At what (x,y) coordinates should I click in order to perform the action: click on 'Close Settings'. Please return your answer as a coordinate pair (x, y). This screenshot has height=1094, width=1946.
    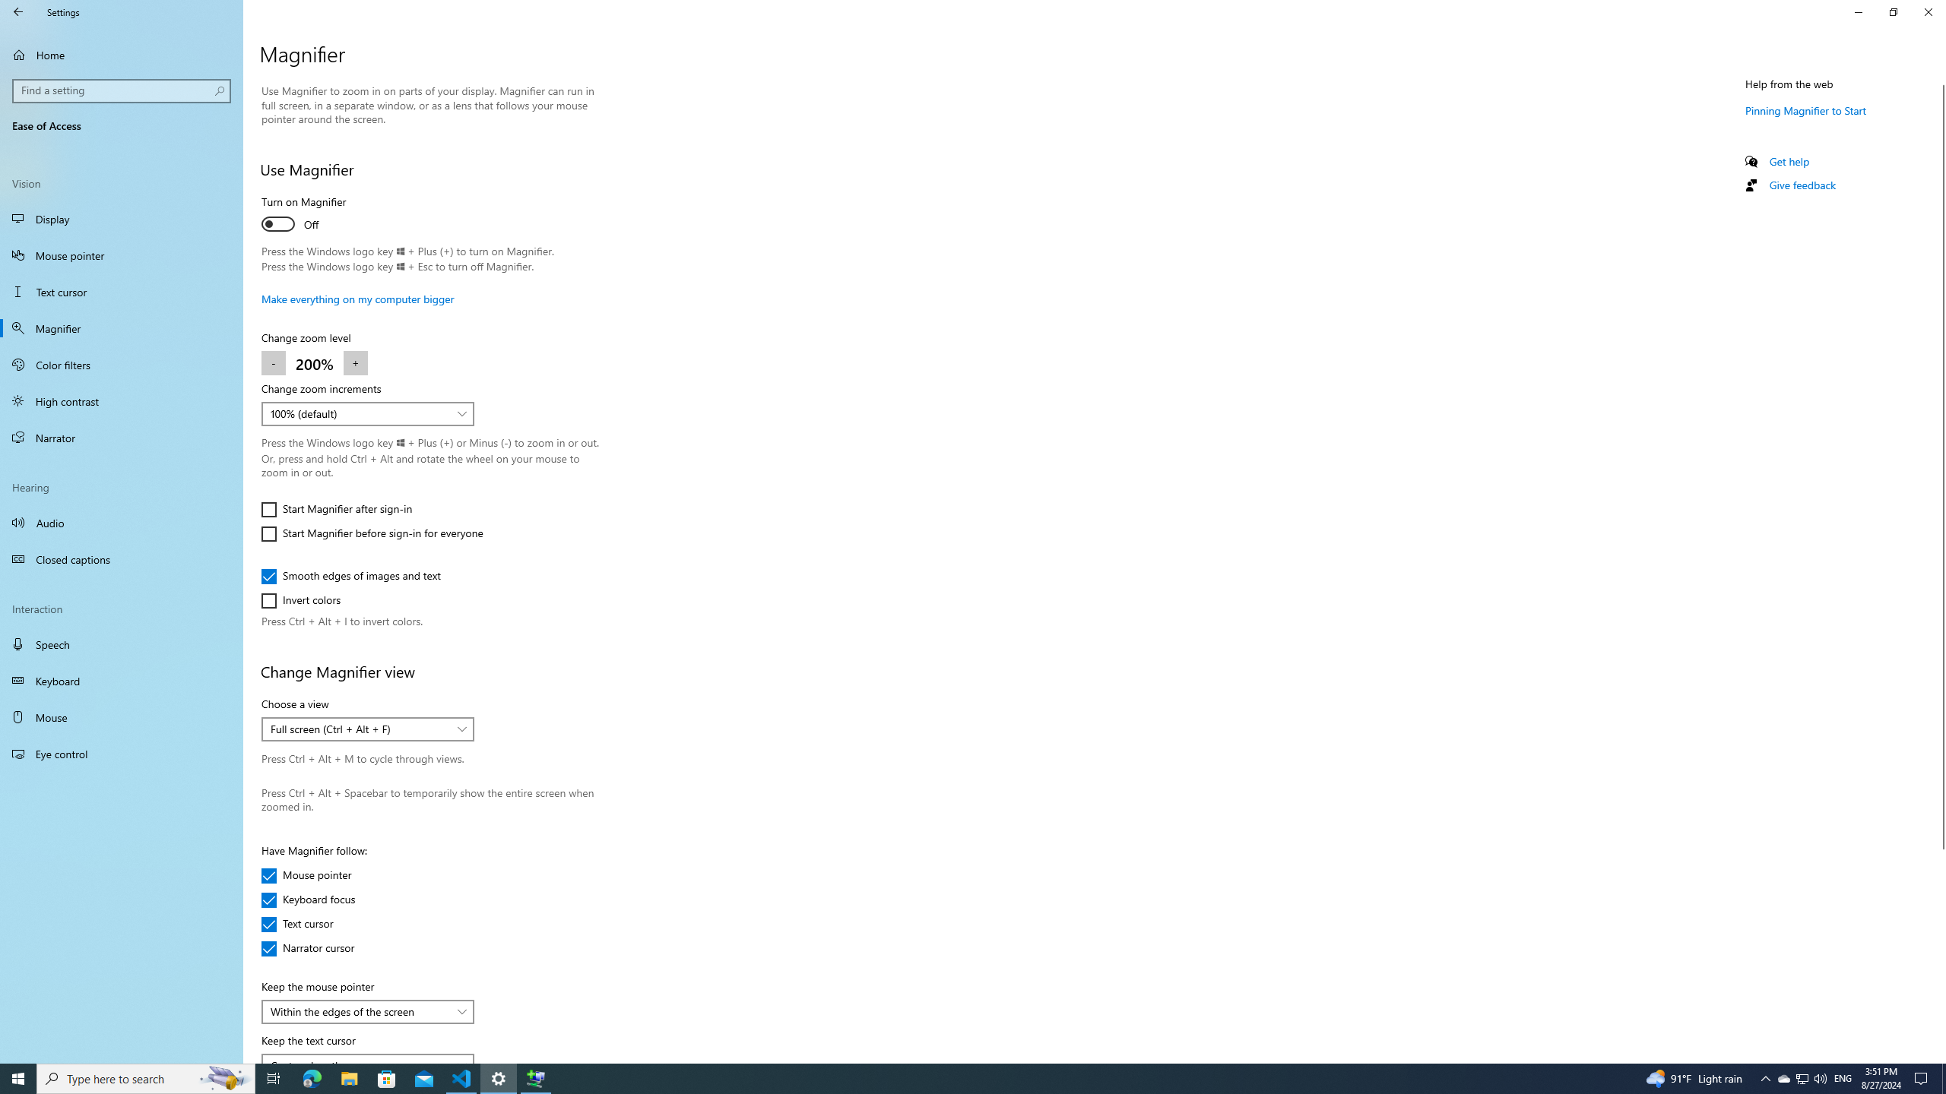
    Looking at the image, I should click on (1927, 11).